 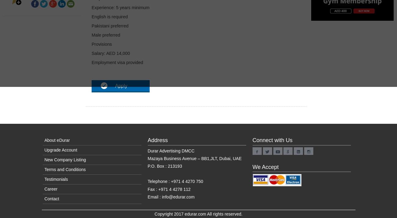 I want to click on 'Salary: AED 14,000', so click(x=110, y=53).